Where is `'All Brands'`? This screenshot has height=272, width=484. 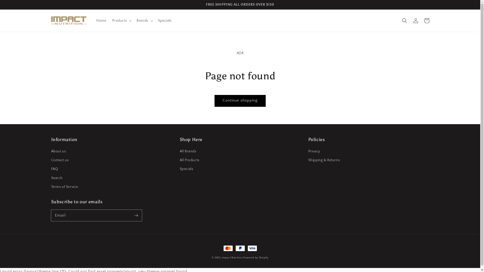 'All Brands' is located at coordinates (187, 152).